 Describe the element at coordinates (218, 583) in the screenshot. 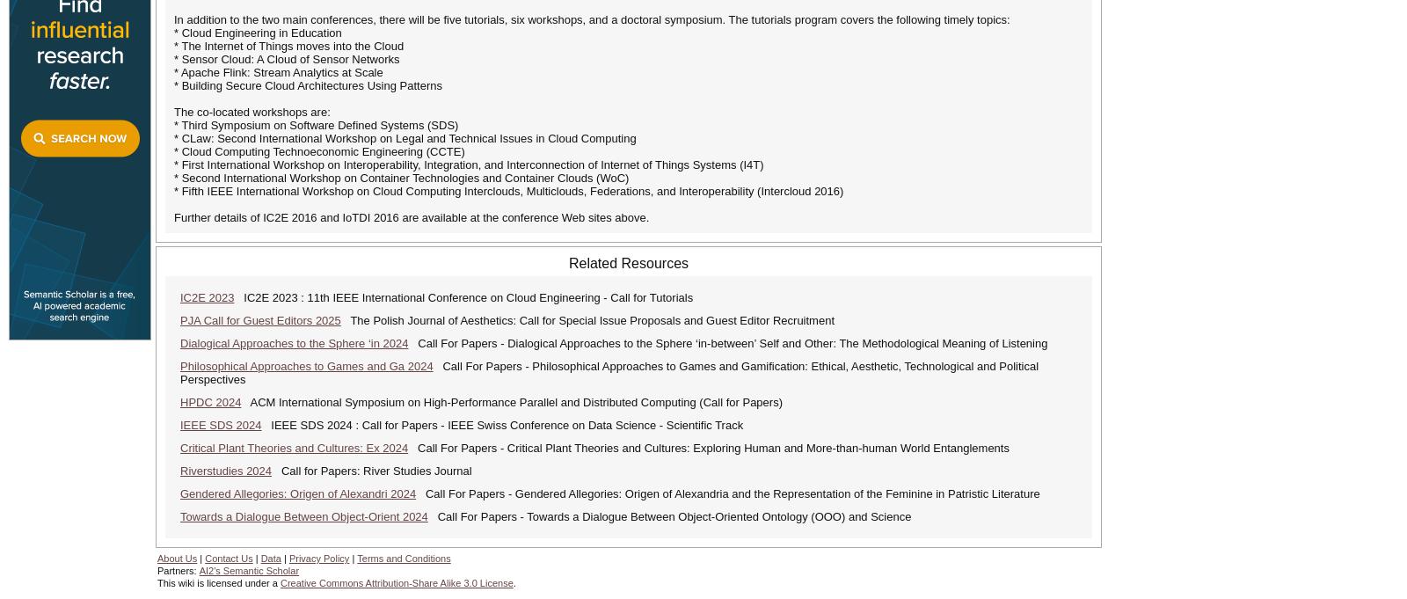

I see `'This wiki is licensed under a'` at that location.